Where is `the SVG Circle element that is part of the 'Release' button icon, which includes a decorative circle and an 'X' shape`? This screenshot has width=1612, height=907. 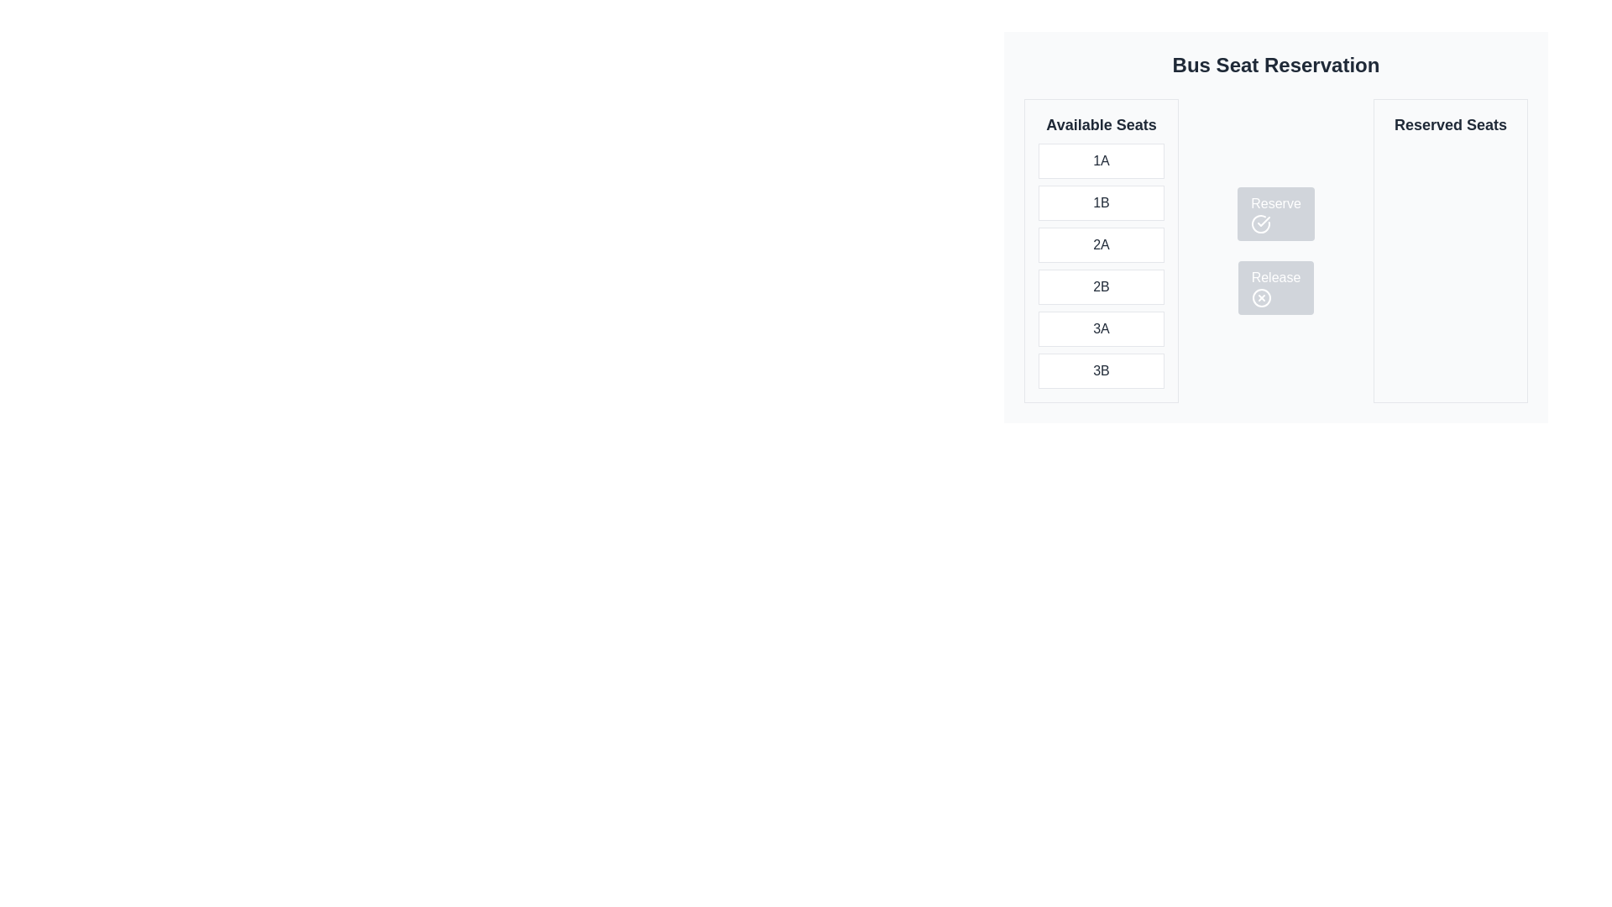 the SVG Circle element that is part of the 'Release' button icon, which includes a decorative circle and an 'X' shape is located at coordinates (1261, 296).